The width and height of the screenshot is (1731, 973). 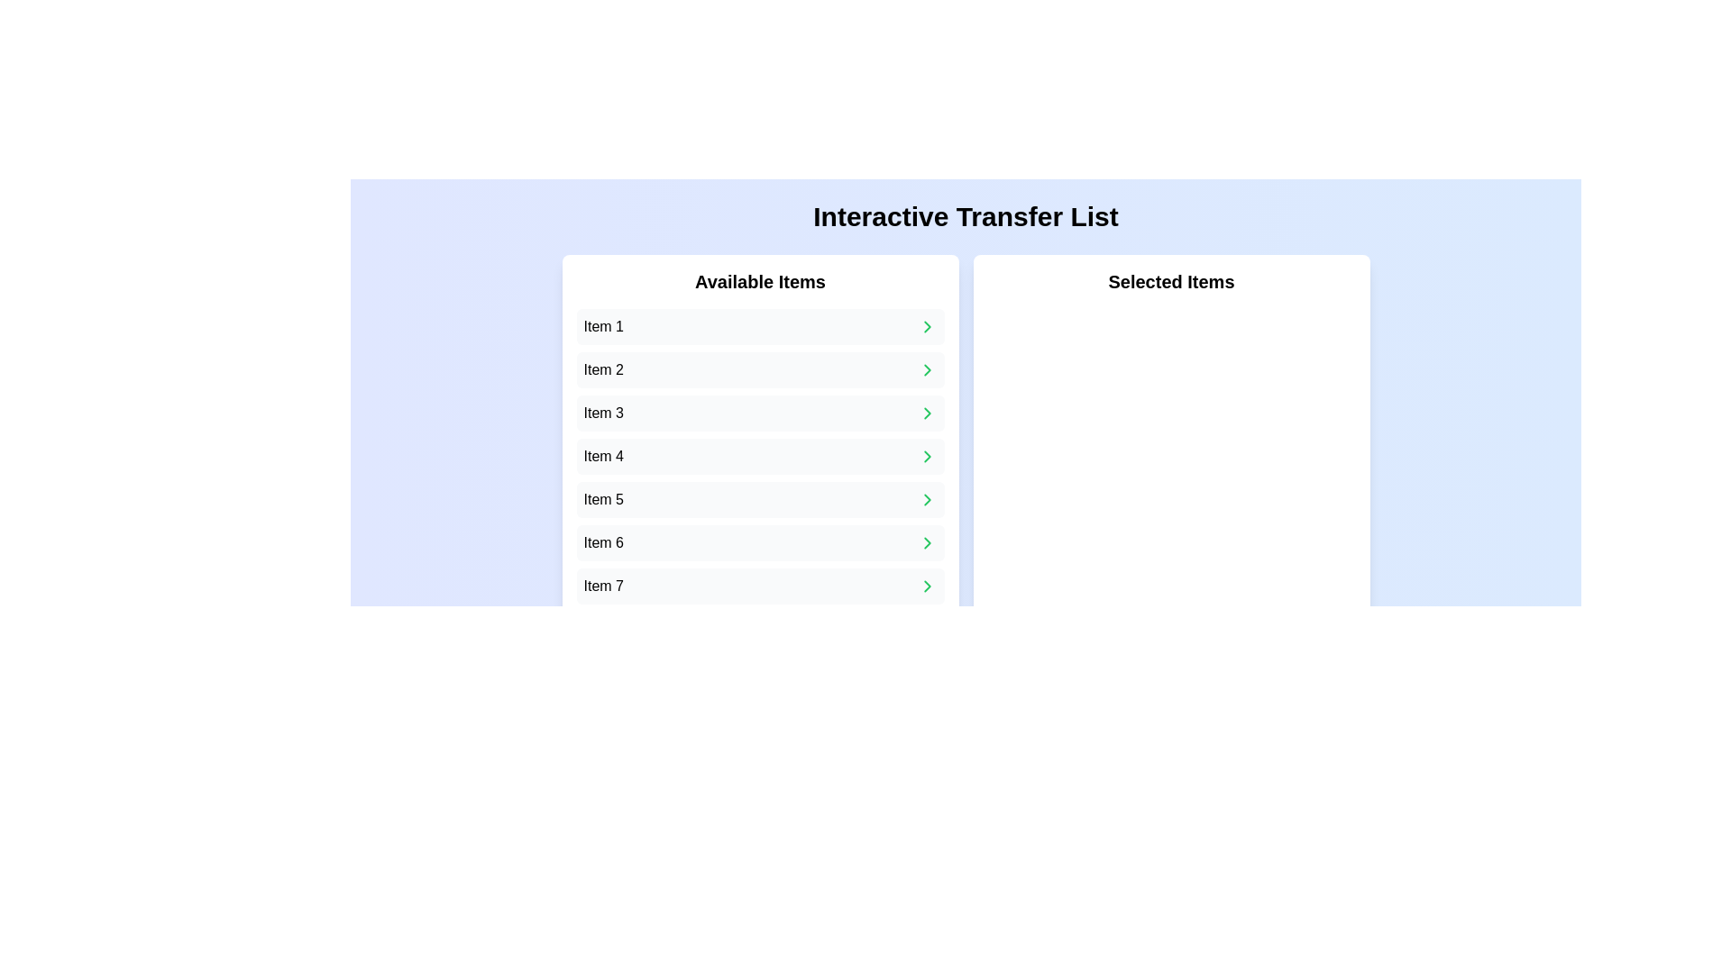 What do you see at coordinates (603, 500) in the screenshot?
I see `the text label 'Item 5' which identifies the fifth selectable item in the list under 'Available Items'` at bounding box center [603, 500].